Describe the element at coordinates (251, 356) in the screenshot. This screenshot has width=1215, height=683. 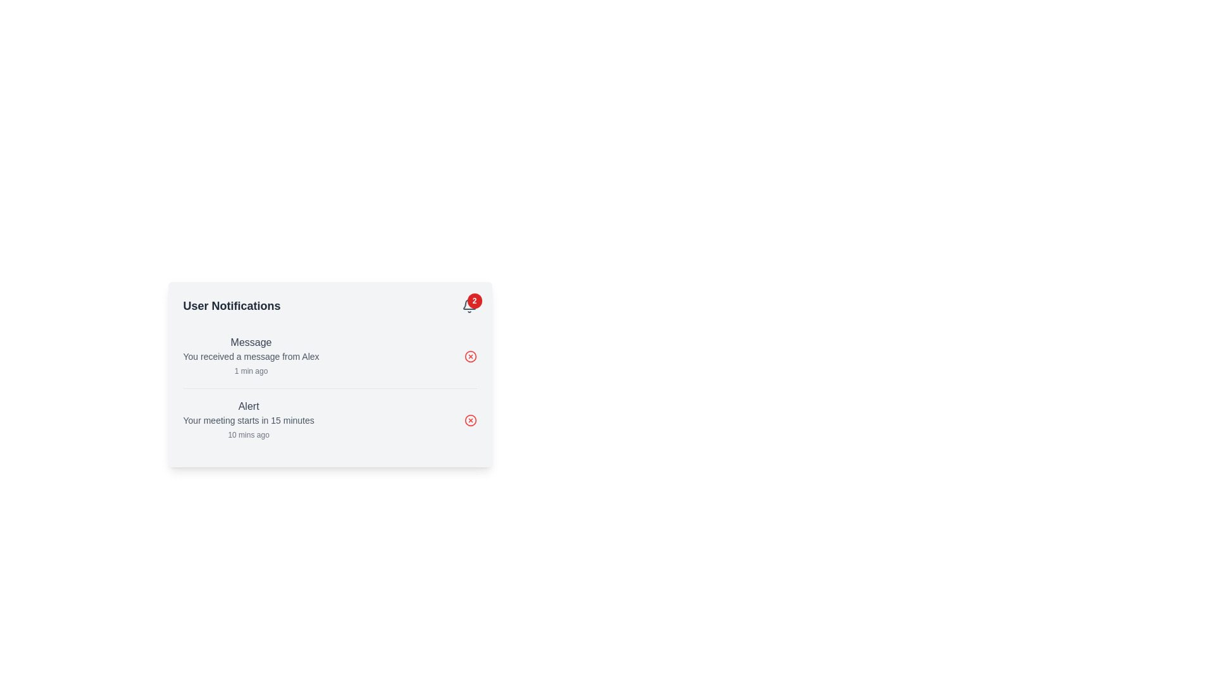
I see `the text notification that reads 'You received a message from Alex', which is styled in a smaller gray font and located below the 'Message' header in the User Notifications section` at that location.